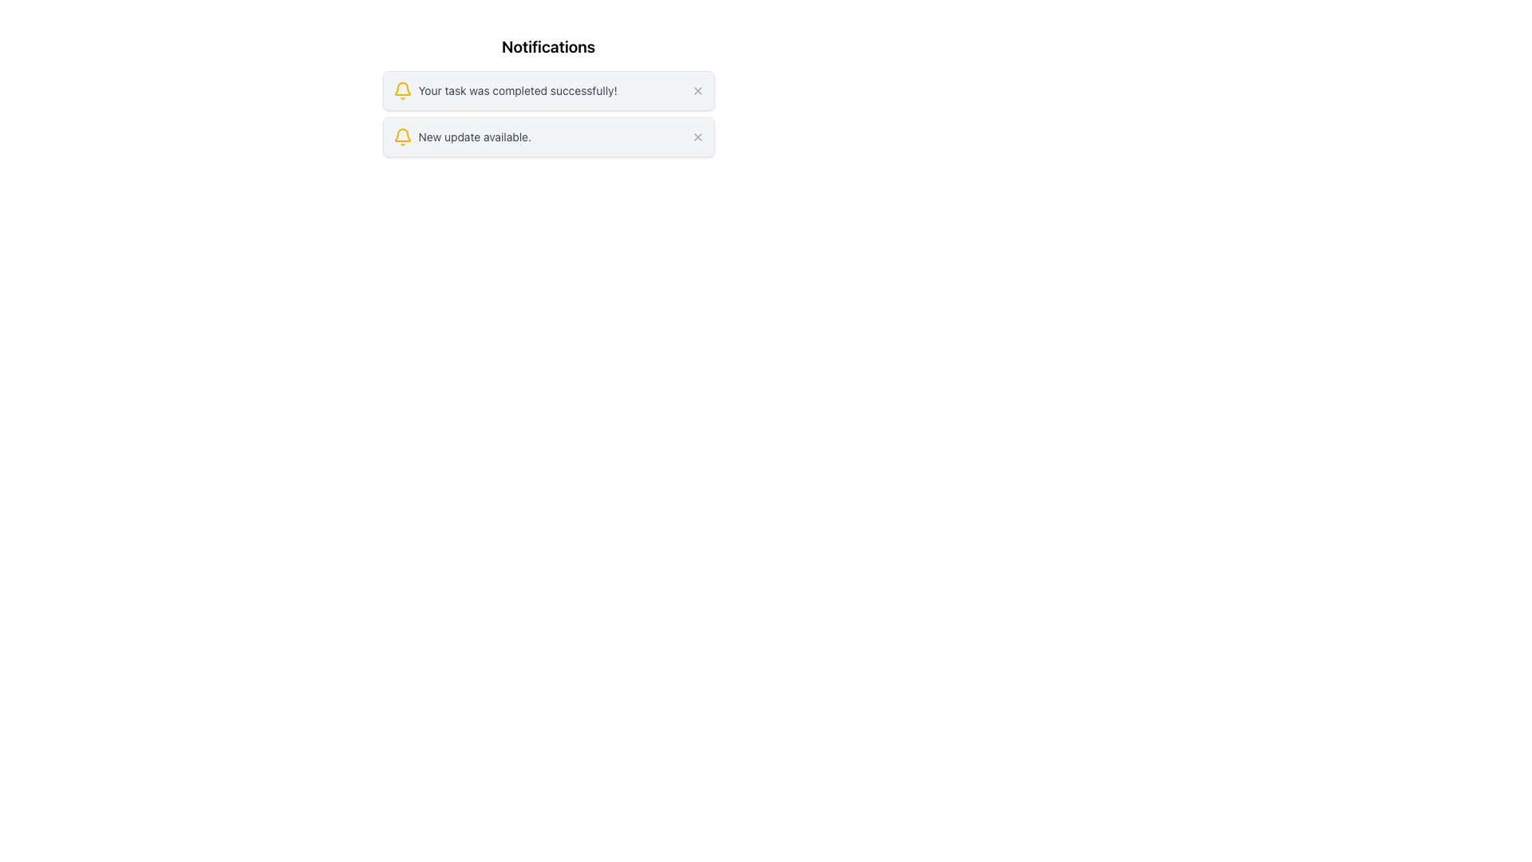 The width and height of the screenshot is (1532, 862). Describe the element at coordinates (402, 136) in the screenshot. I see `the notification icon indicating the status of the 'New update available' notification item` at that location.